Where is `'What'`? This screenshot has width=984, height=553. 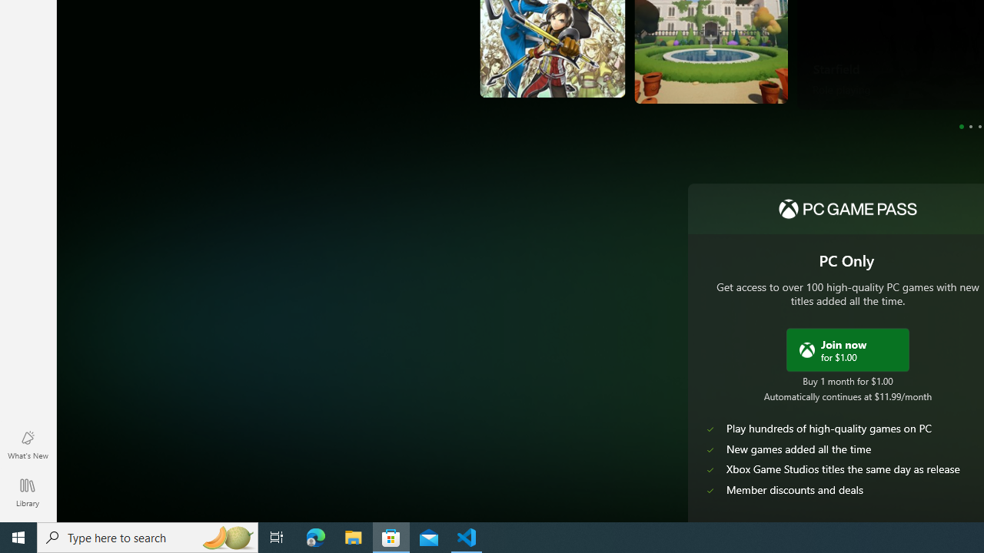 'What' is located at coordinates (27, 444).